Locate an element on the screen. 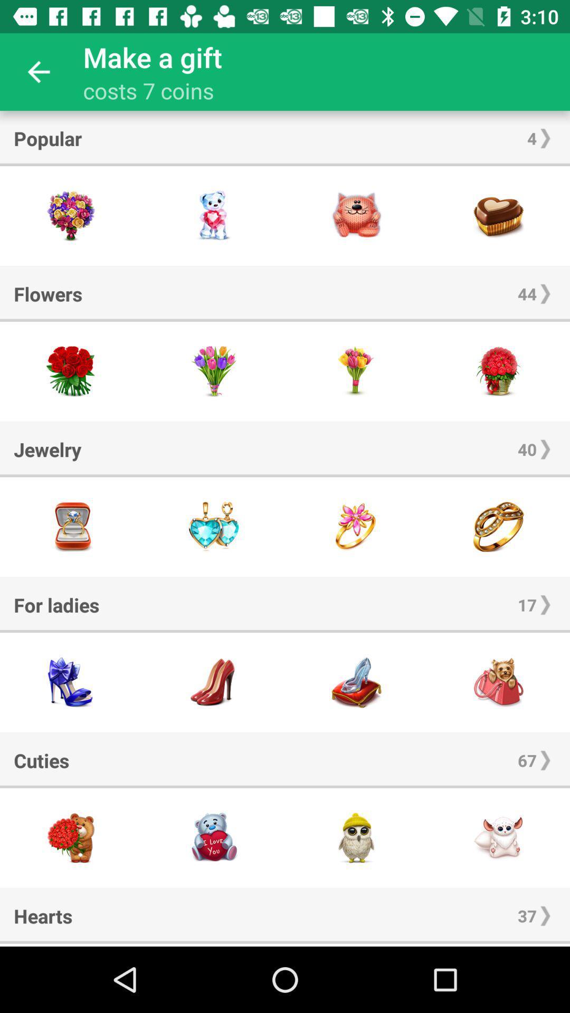  gift is located at coordinates (214, 215).